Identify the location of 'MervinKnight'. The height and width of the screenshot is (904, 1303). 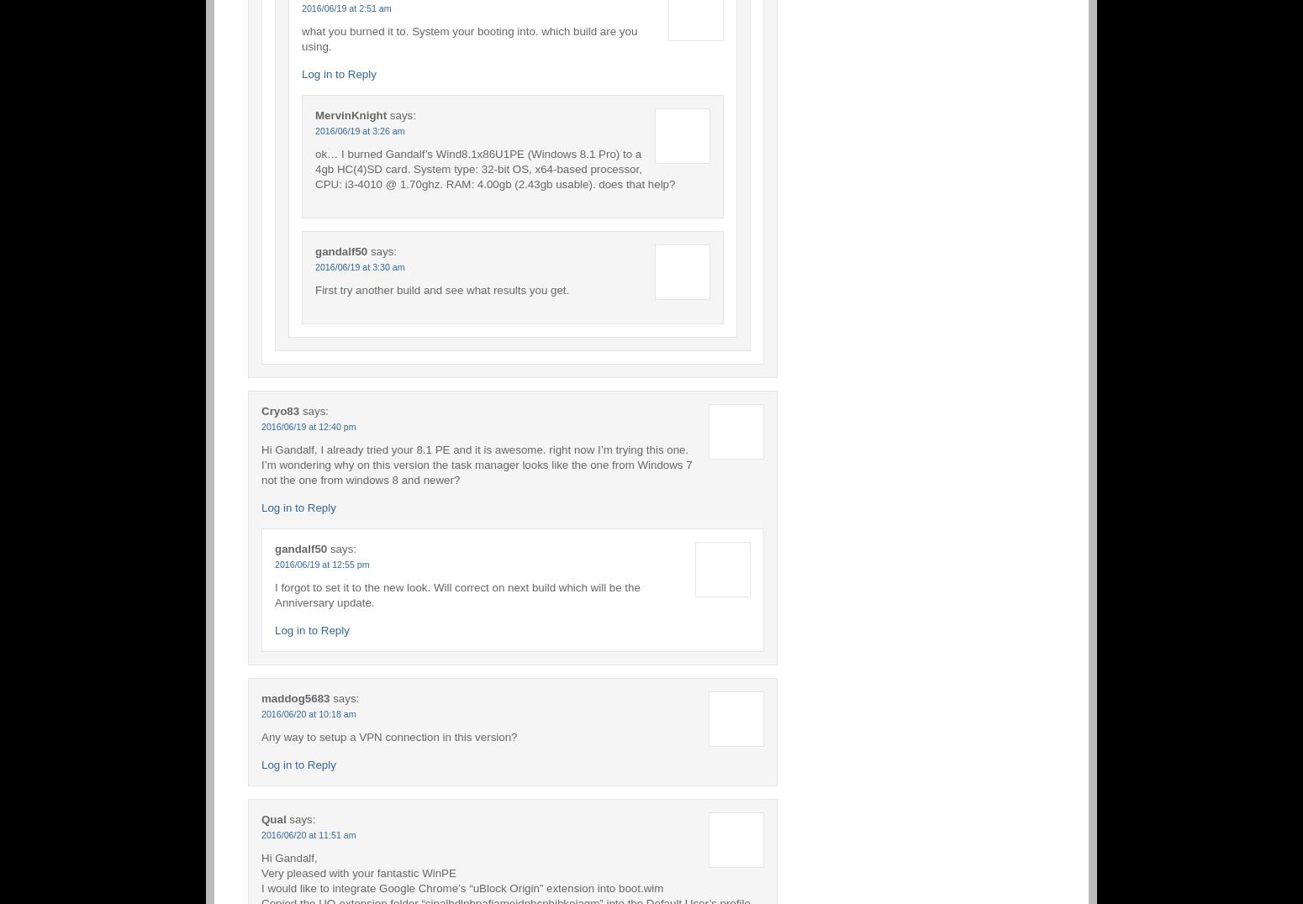
(314, 114).